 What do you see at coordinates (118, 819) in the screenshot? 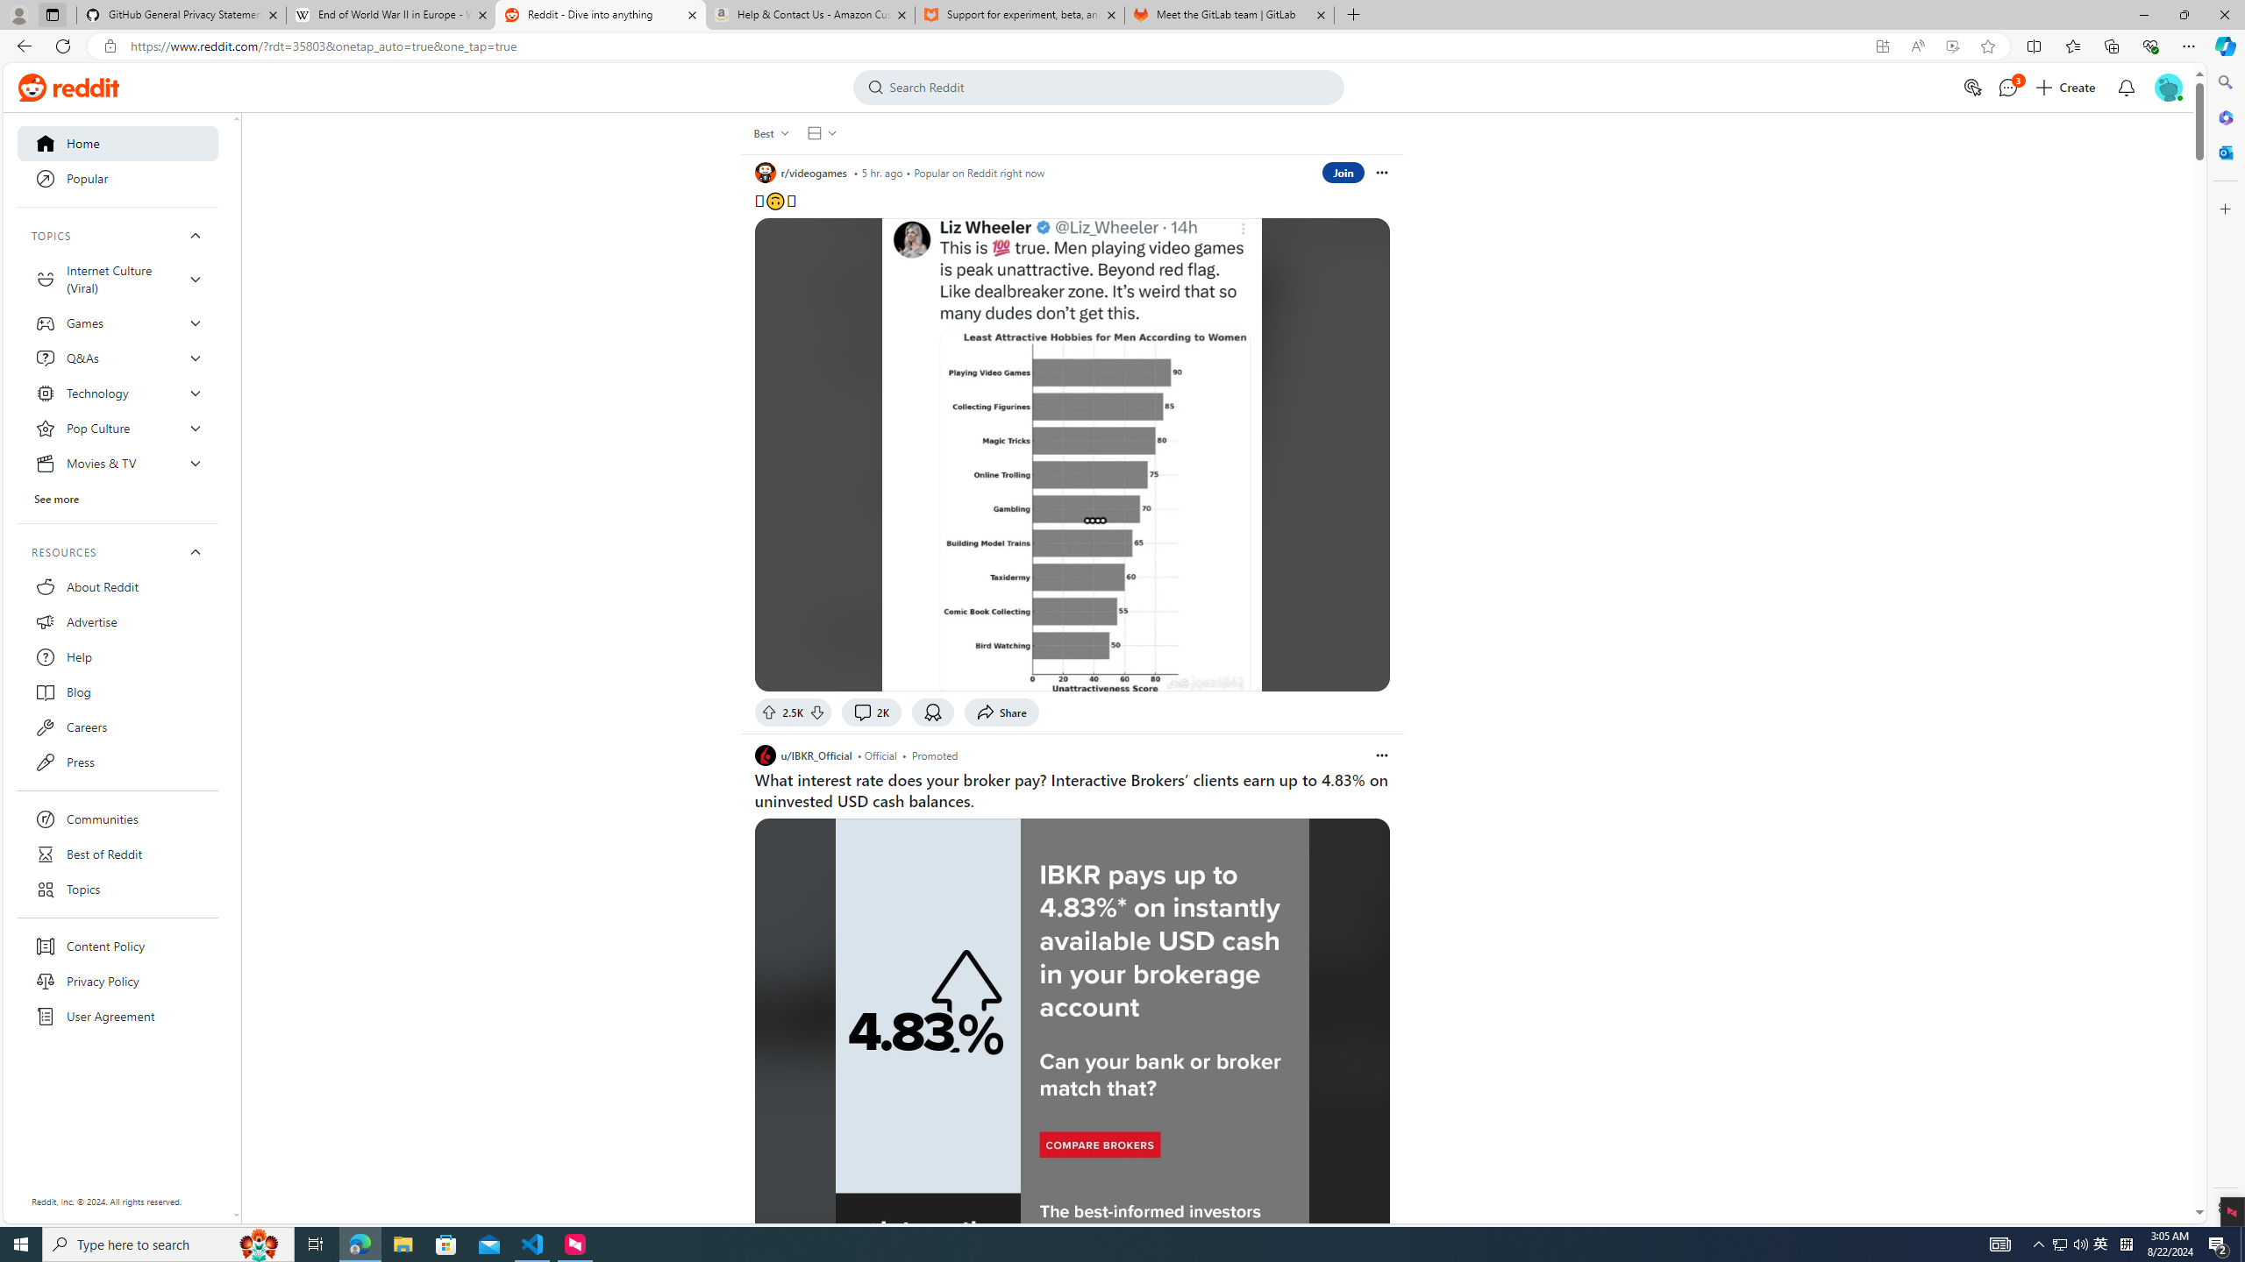
I see `'Communities'` at bounding box center [118, 819].